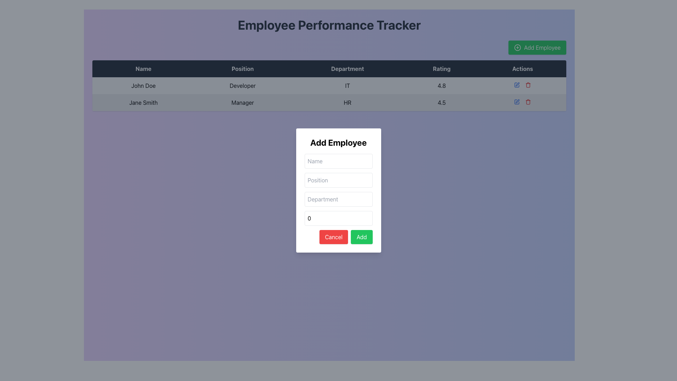  I want to click on square outline SVG icon located in the 'Actions' column of the second row in the 'Employee Performance Tracker' table using the developer tools, so click(517, 102).